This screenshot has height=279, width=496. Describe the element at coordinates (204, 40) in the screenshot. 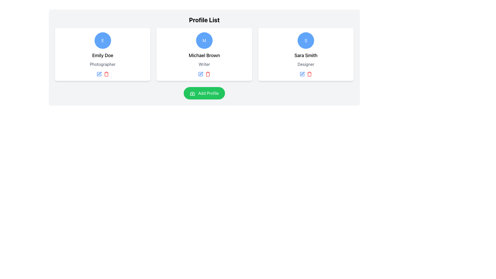

I see `the Circular Initial Badge with a light blue background and white 'M' text, located at the top center of Michael Brown's profile card` at that location.